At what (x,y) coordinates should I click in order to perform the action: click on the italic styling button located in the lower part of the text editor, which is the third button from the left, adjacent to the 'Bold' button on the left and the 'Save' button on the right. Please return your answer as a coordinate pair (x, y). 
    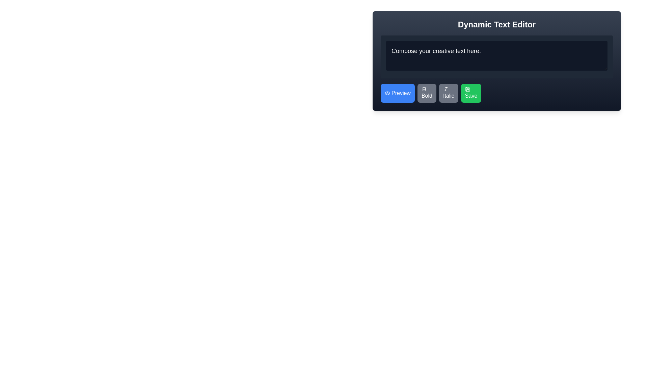
    Looking at the image, I should click on (449, 93).